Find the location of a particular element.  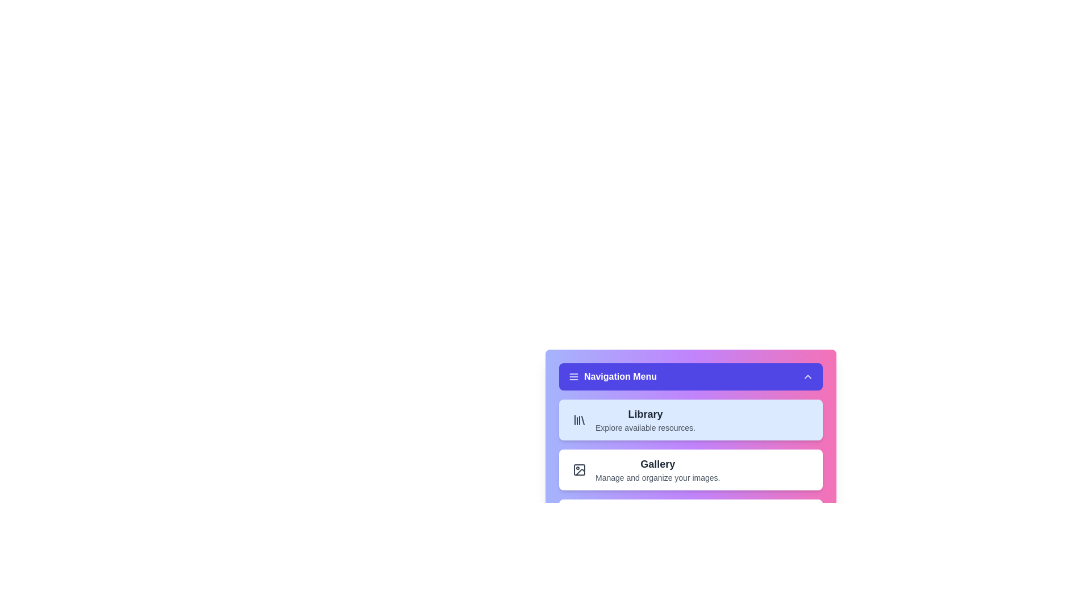

the 'Navigation Menu' button to toggle the menu visibility is located at coordinates (690, 376).